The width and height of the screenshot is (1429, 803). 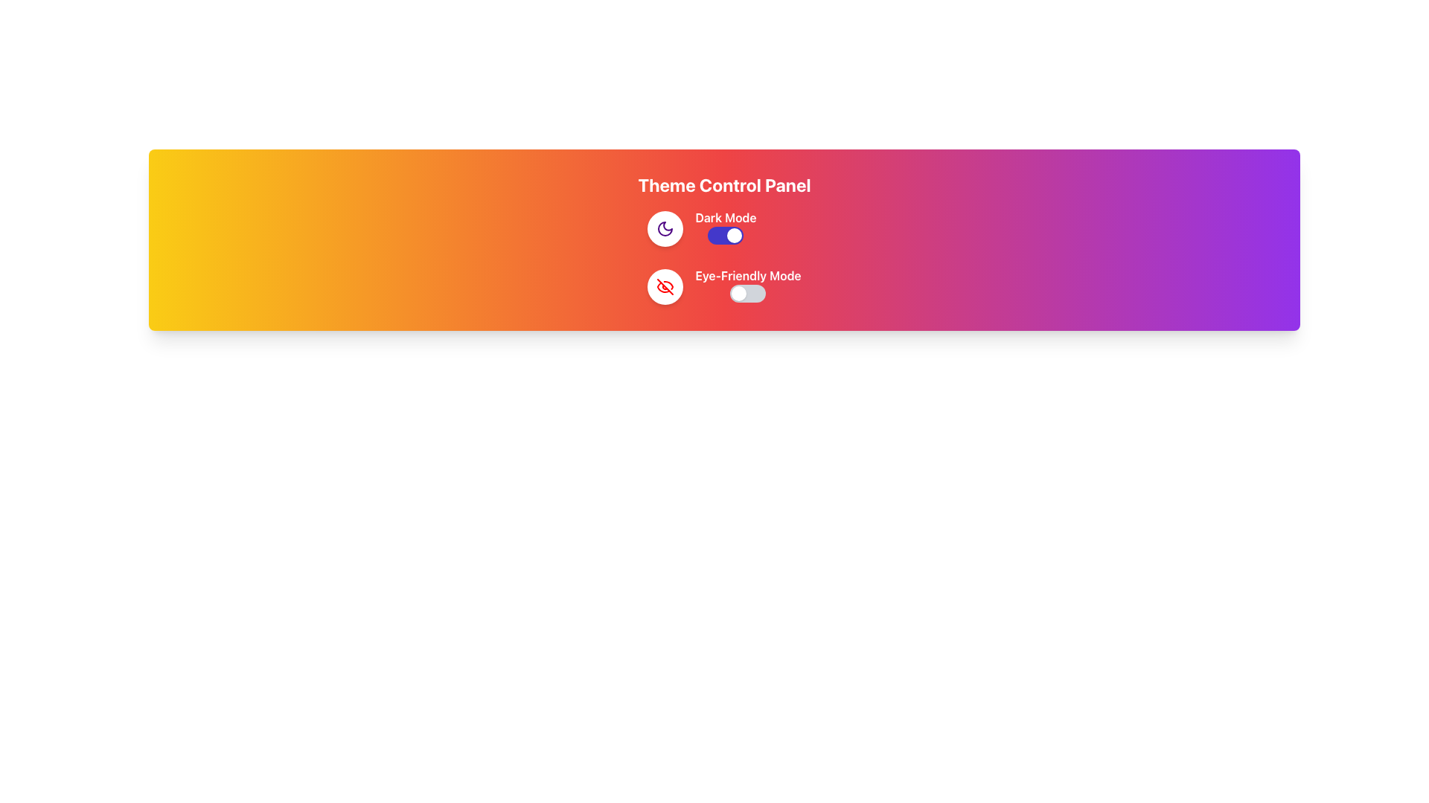 What do you see at coordinates (724, 286) in the screenshot?
I see `the 'Eye-Friendly Mode' toggle switch located below the 'Dark Mode' toggle in the 'Theme Control Panel' to switch modes` at bounding box center [724, 286].